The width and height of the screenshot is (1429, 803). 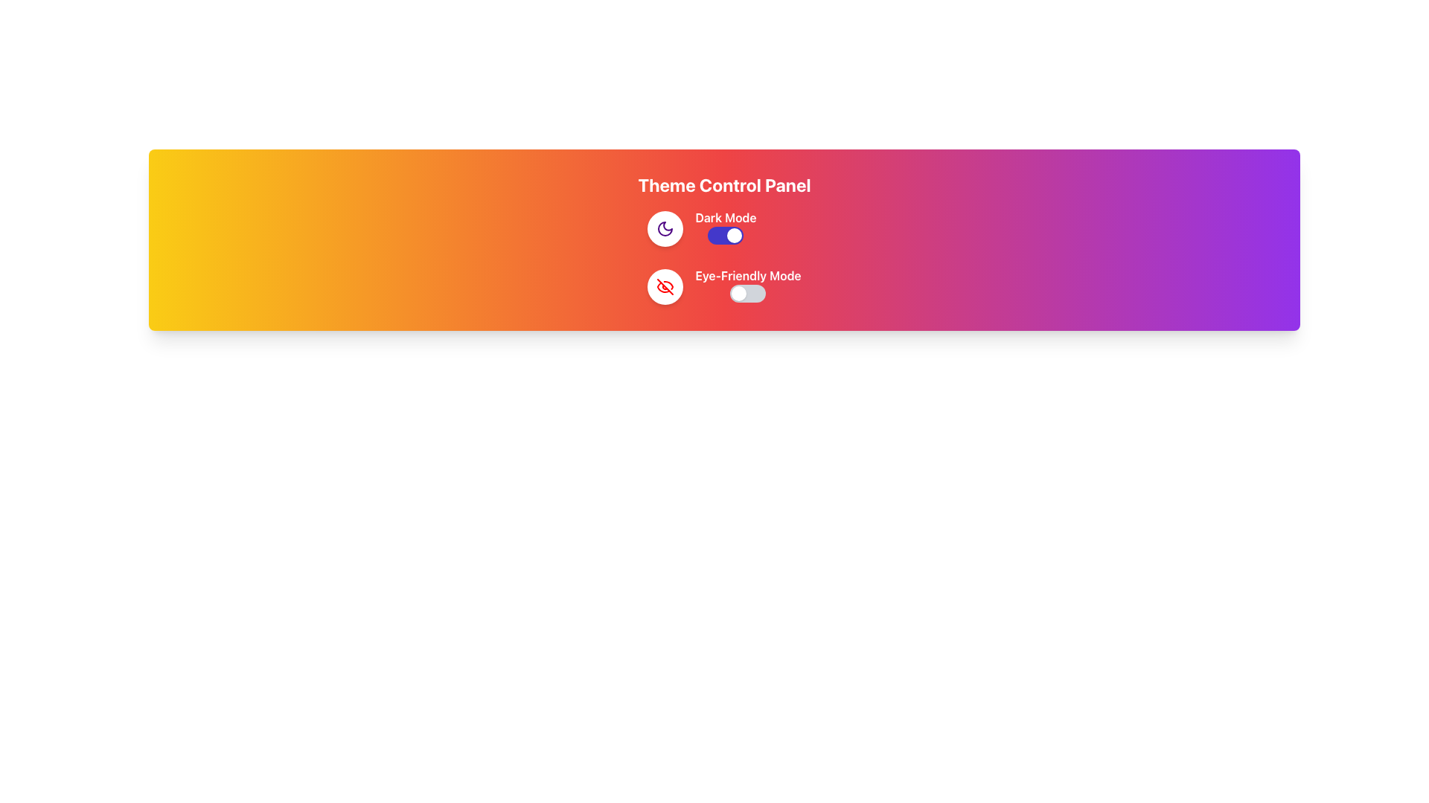 What do you see at coordinates (724, 286) in the screenshot?
I see `the 'Eye-Friendly Mode' toggle switch located below the 'Dark Mode' toggle in the 'Theme Control Panel' to switch modes` at bounding box center [724, 286].